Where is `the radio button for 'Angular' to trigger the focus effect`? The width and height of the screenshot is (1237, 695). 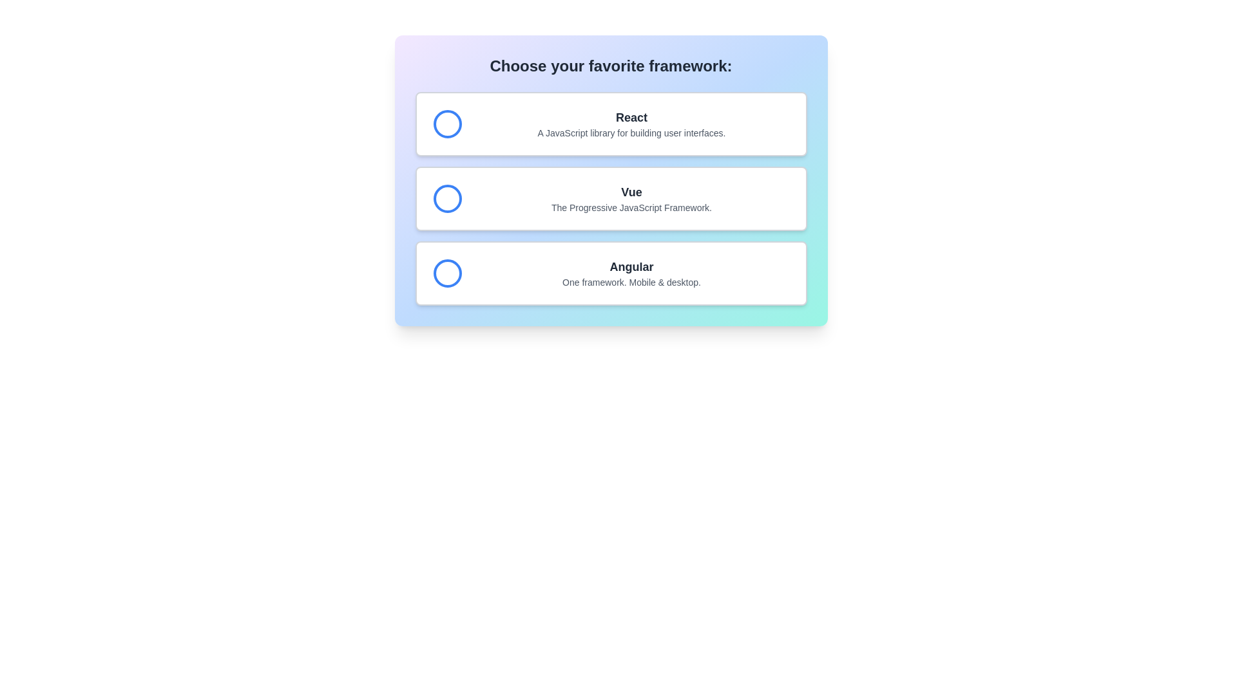
the radio button for 'Angular' to trigger the focus effect is located at coordinates (447, 272).